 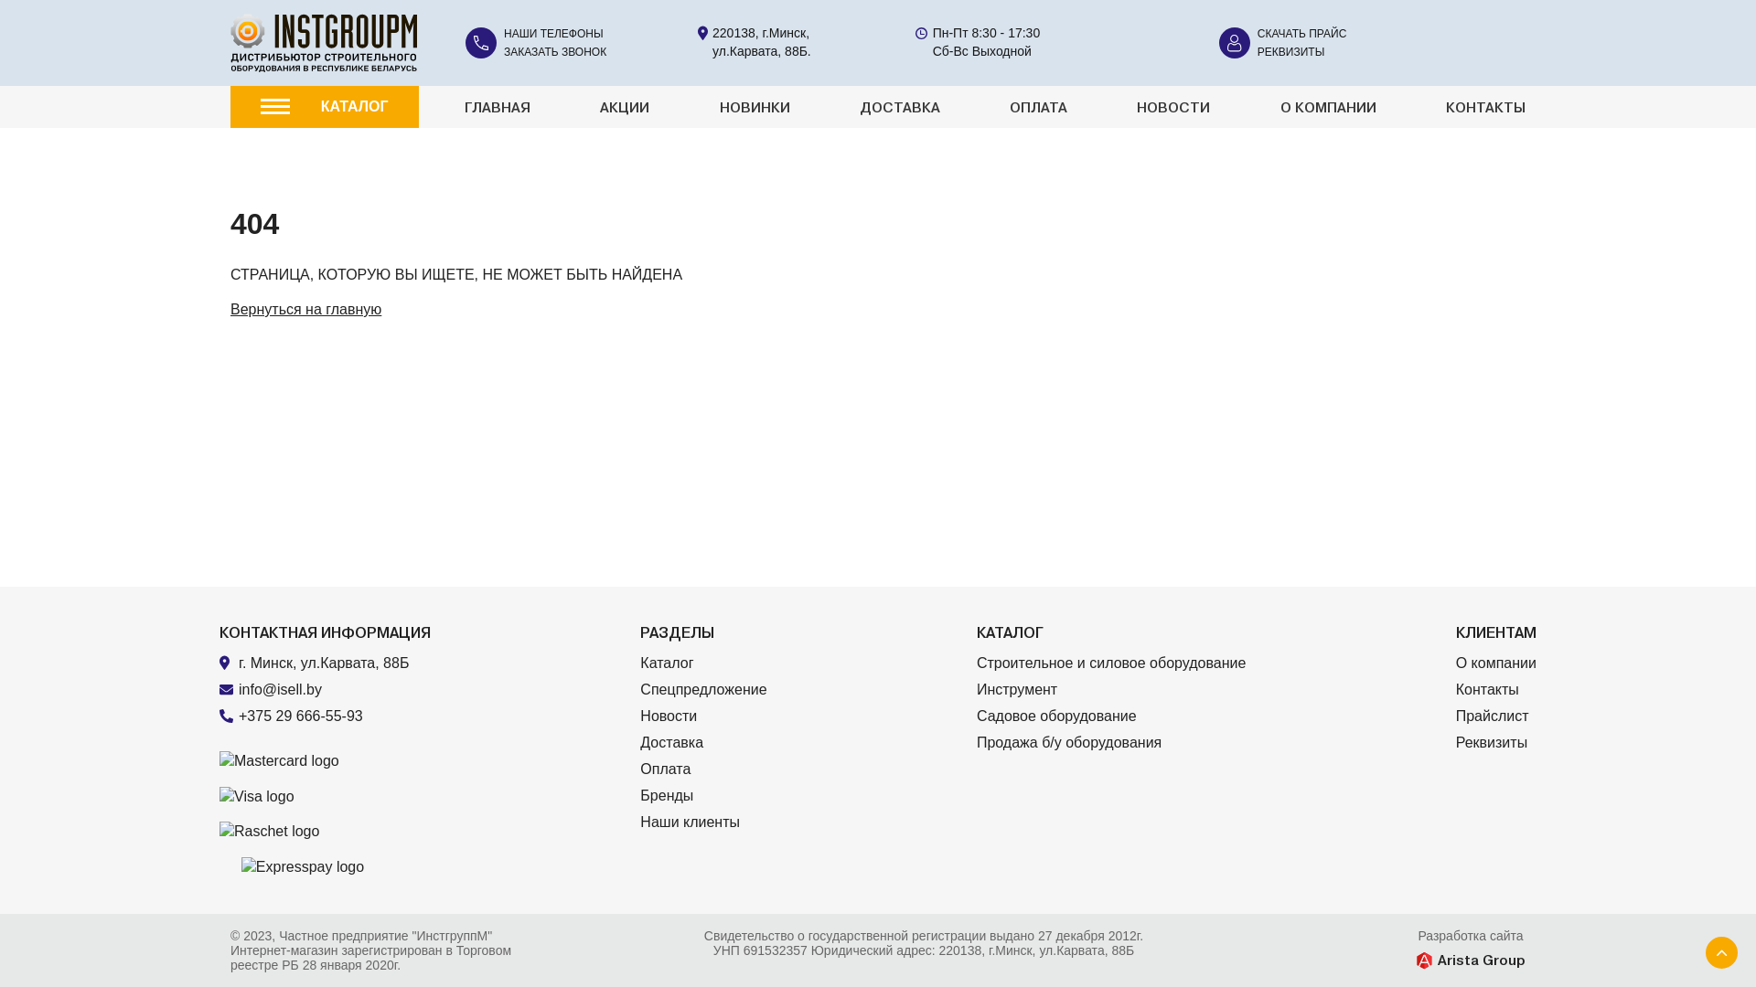 I want to click on '+375 29 666-55-93', so click(x=334, y=715).